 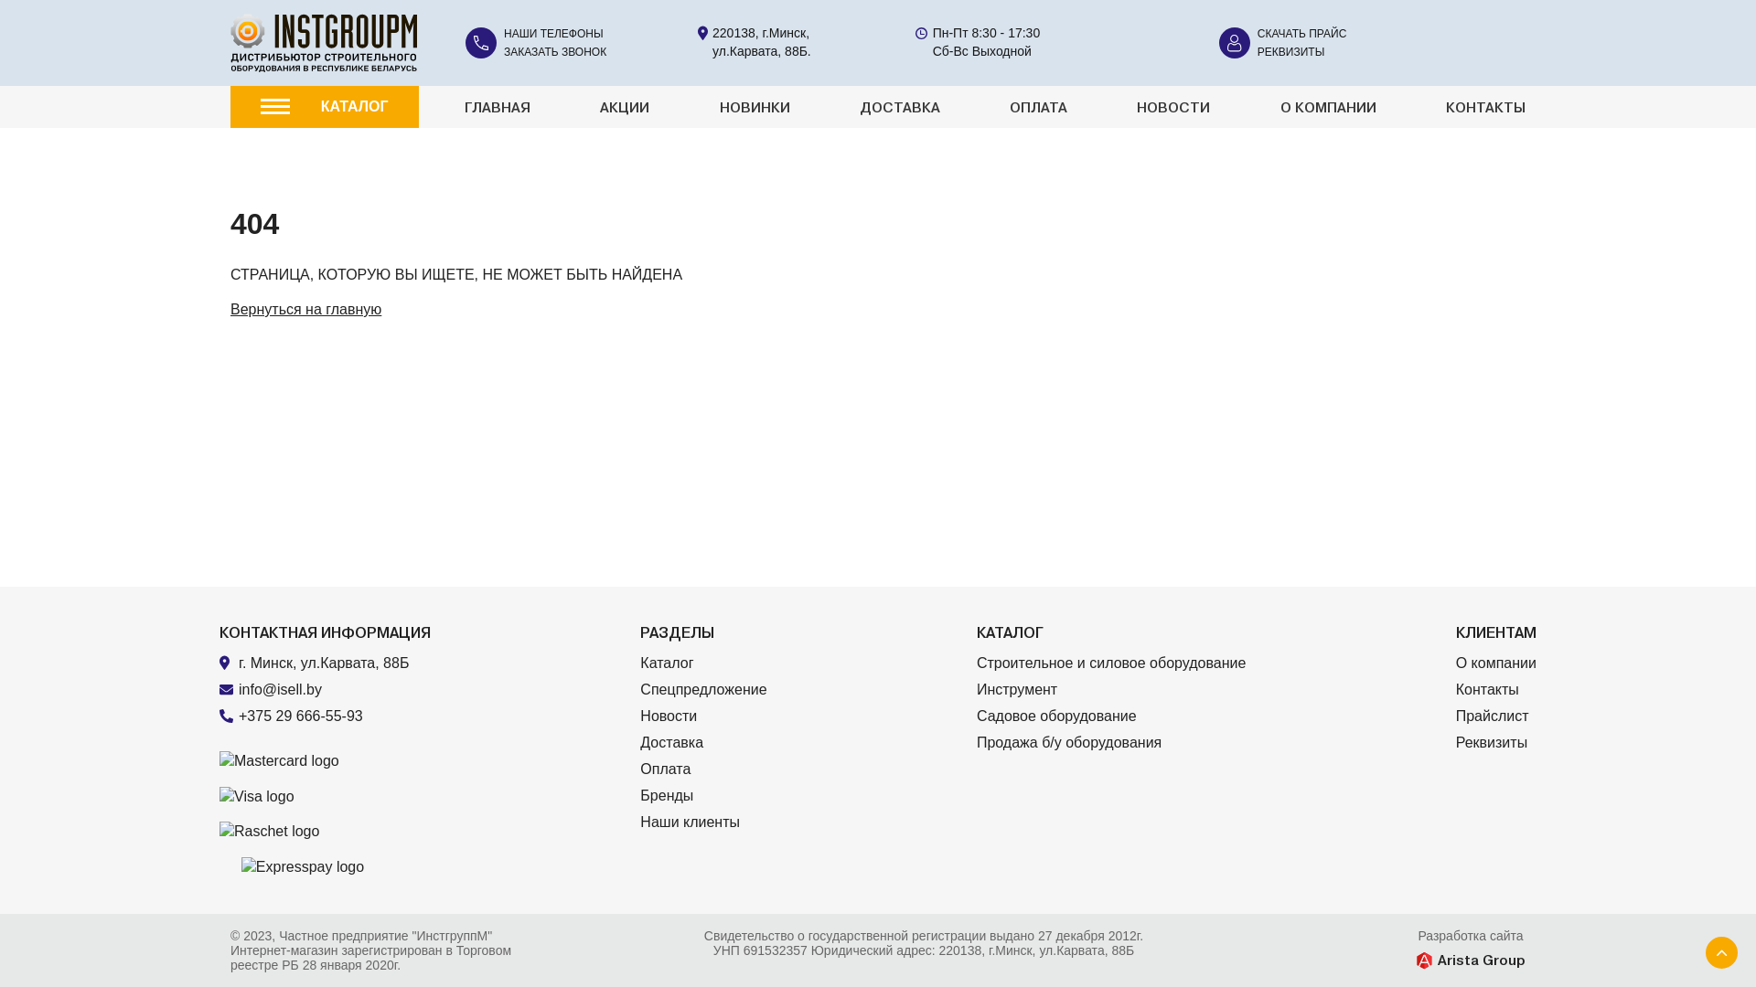 I want to click on '+375 29 666-55-93', so click(x=334, y=715).